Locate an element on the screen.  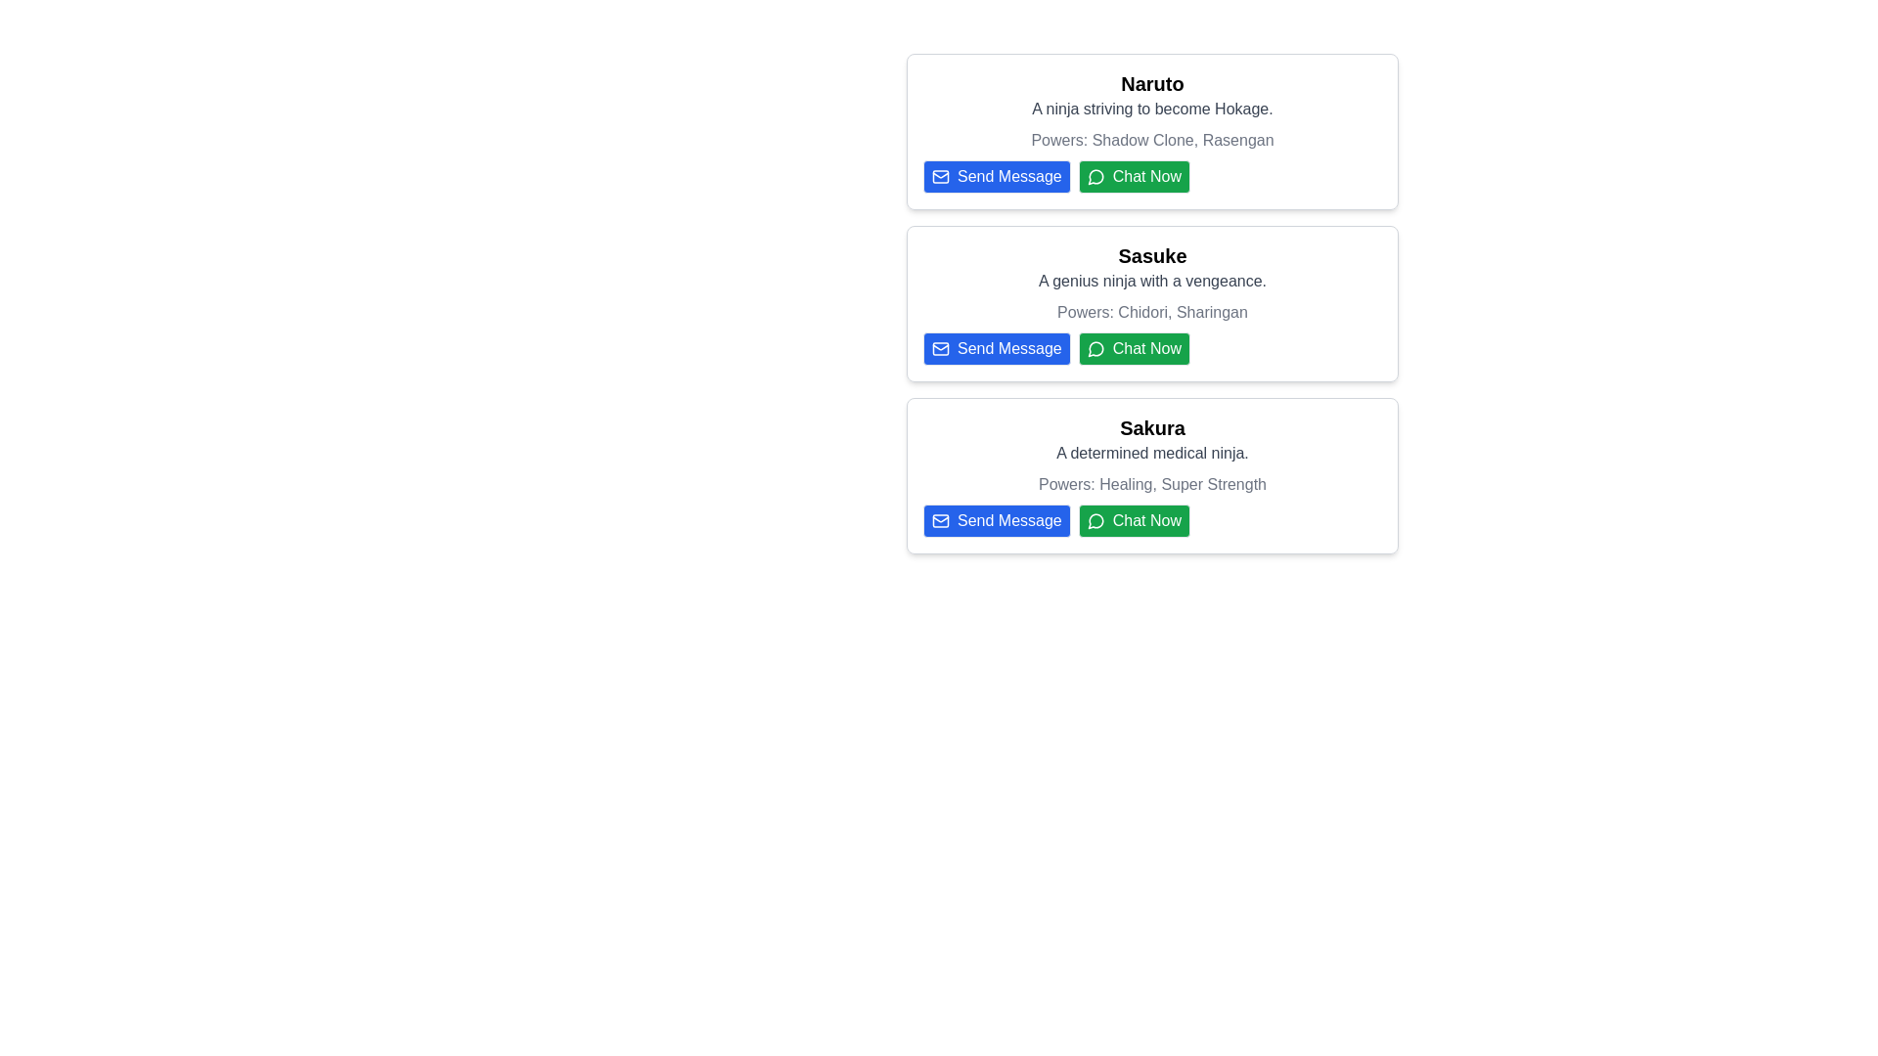
the text label displaying 'A genius ninja with a vengeance.' which is styled in gray font and positioned below the heading 'Sasuke' is located at coordinates (1152, 282).